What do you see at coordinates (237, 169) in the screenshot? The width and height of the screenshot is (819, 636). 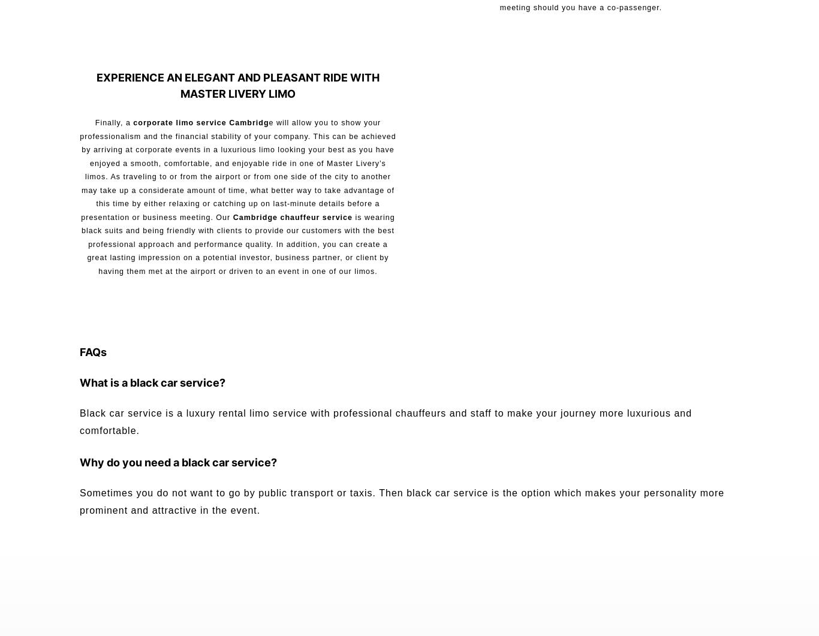 I see `'e will allow you to show your professionalism and the financial stability of your company. This can be achieved by arriving at corporate events in a luxurious limo looking your best as you have enjoyed a smooth, comfortable, and enjoyable ride in one of Master Livery’s limos. As traveling to or from the airport or from one side of the city to another may take up a considerate amount of time, what better way to take advantage of this time by either relaxing or catching up on last-minute details before a presentation or business meeting. Our'` at bounding box center [237, 169].